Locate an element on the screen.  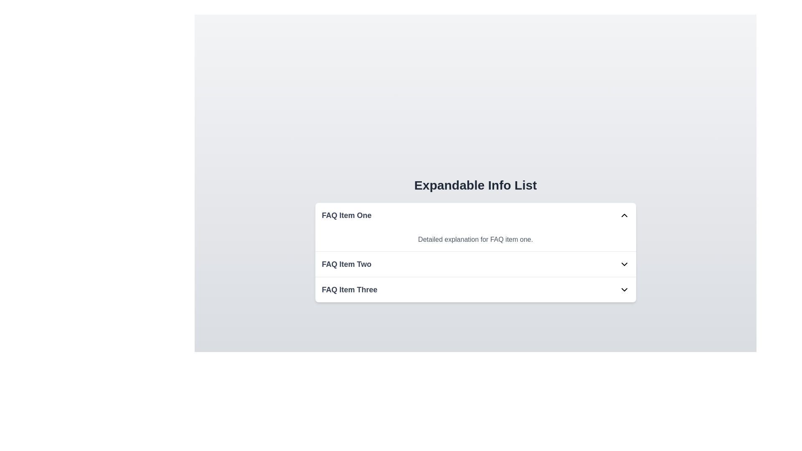
the second FAQ item in the collapsible list is located at coordinates (475, 264).